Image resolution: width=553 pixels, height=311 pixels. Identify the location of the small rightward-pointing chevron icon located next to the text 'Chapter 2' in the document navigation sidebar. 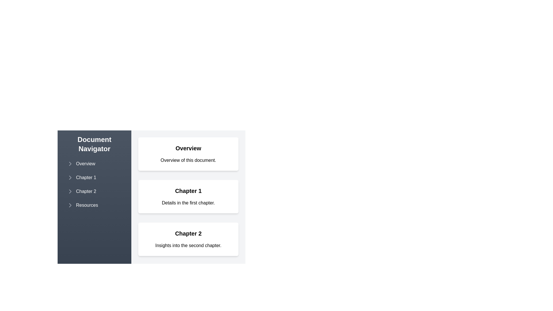
(70, 191).